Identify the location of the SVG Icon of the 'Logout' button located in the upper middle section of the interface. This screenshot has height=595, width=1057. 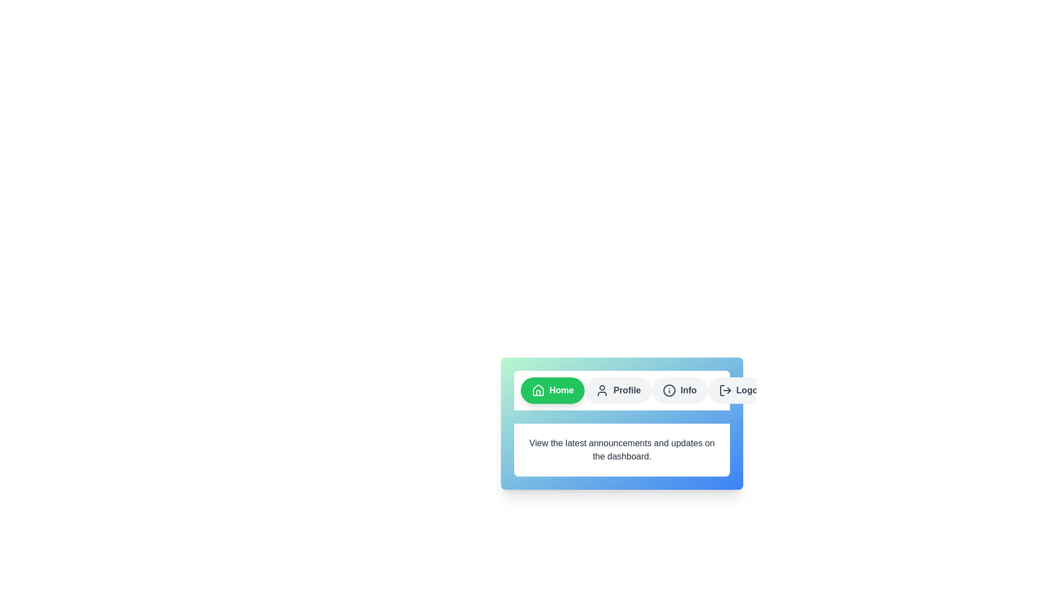
(725, 390).